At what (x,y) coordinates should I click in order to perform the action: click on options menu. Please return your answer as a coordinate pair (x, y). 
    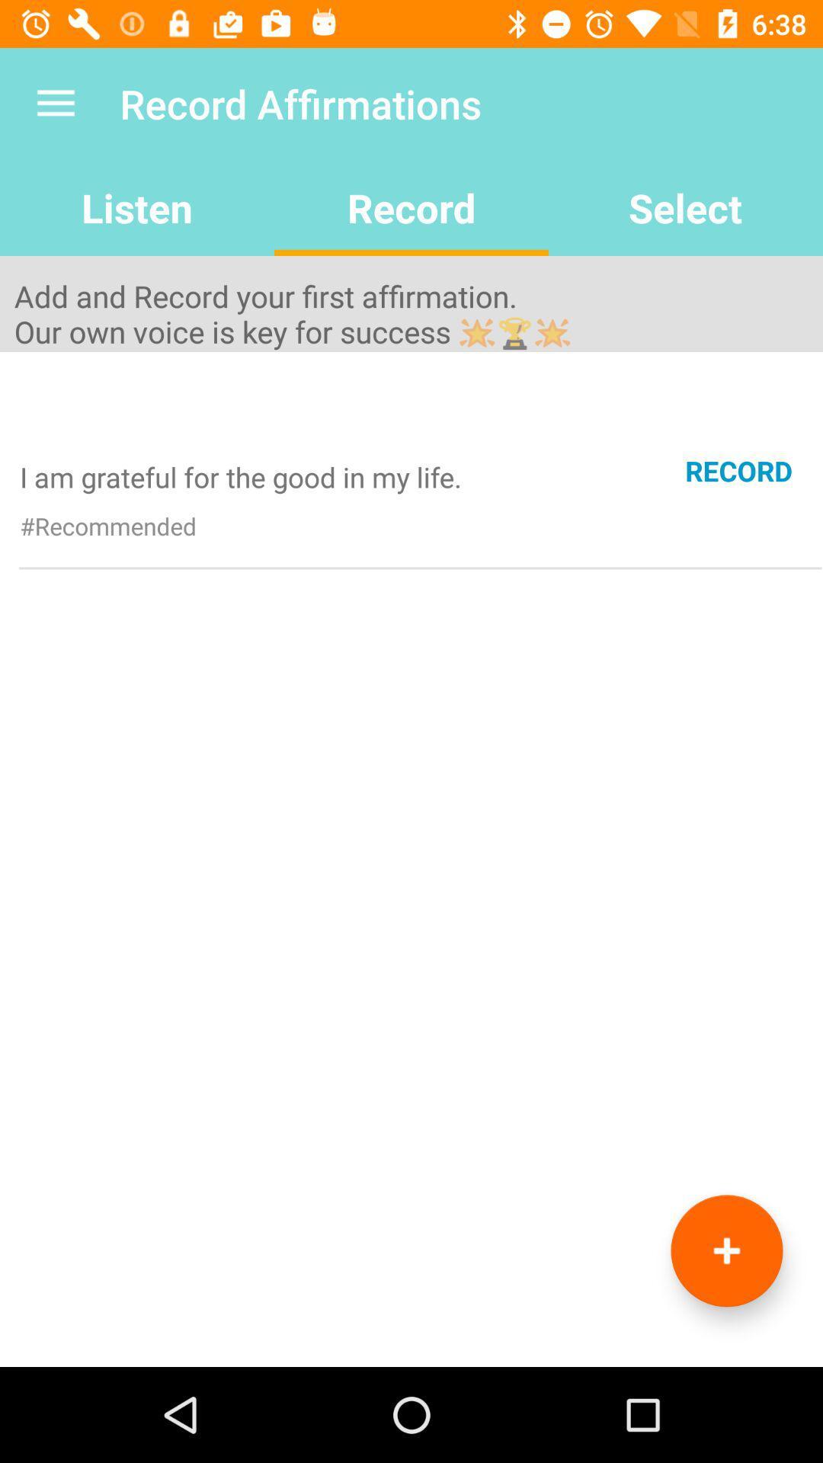
    Looking at the image, I should click on (725, 1250).